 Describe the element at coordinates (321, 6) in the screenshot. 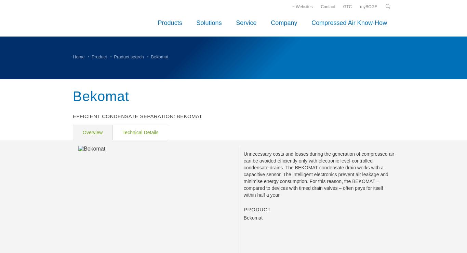

I see `'Contact'` at that location.